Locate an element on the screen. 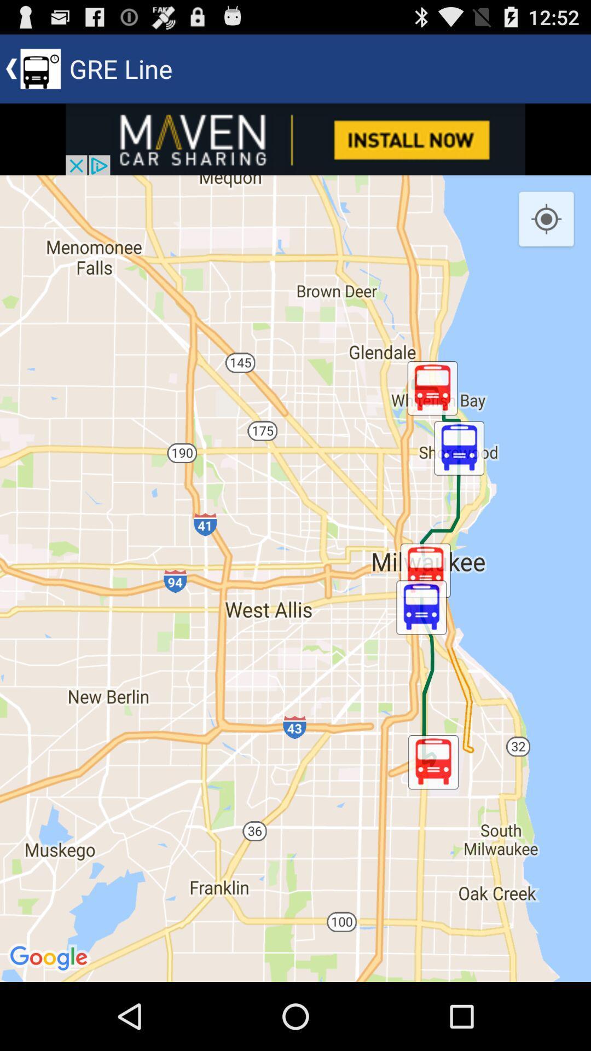  open advertisement to install is located at coordinates (296, 138).